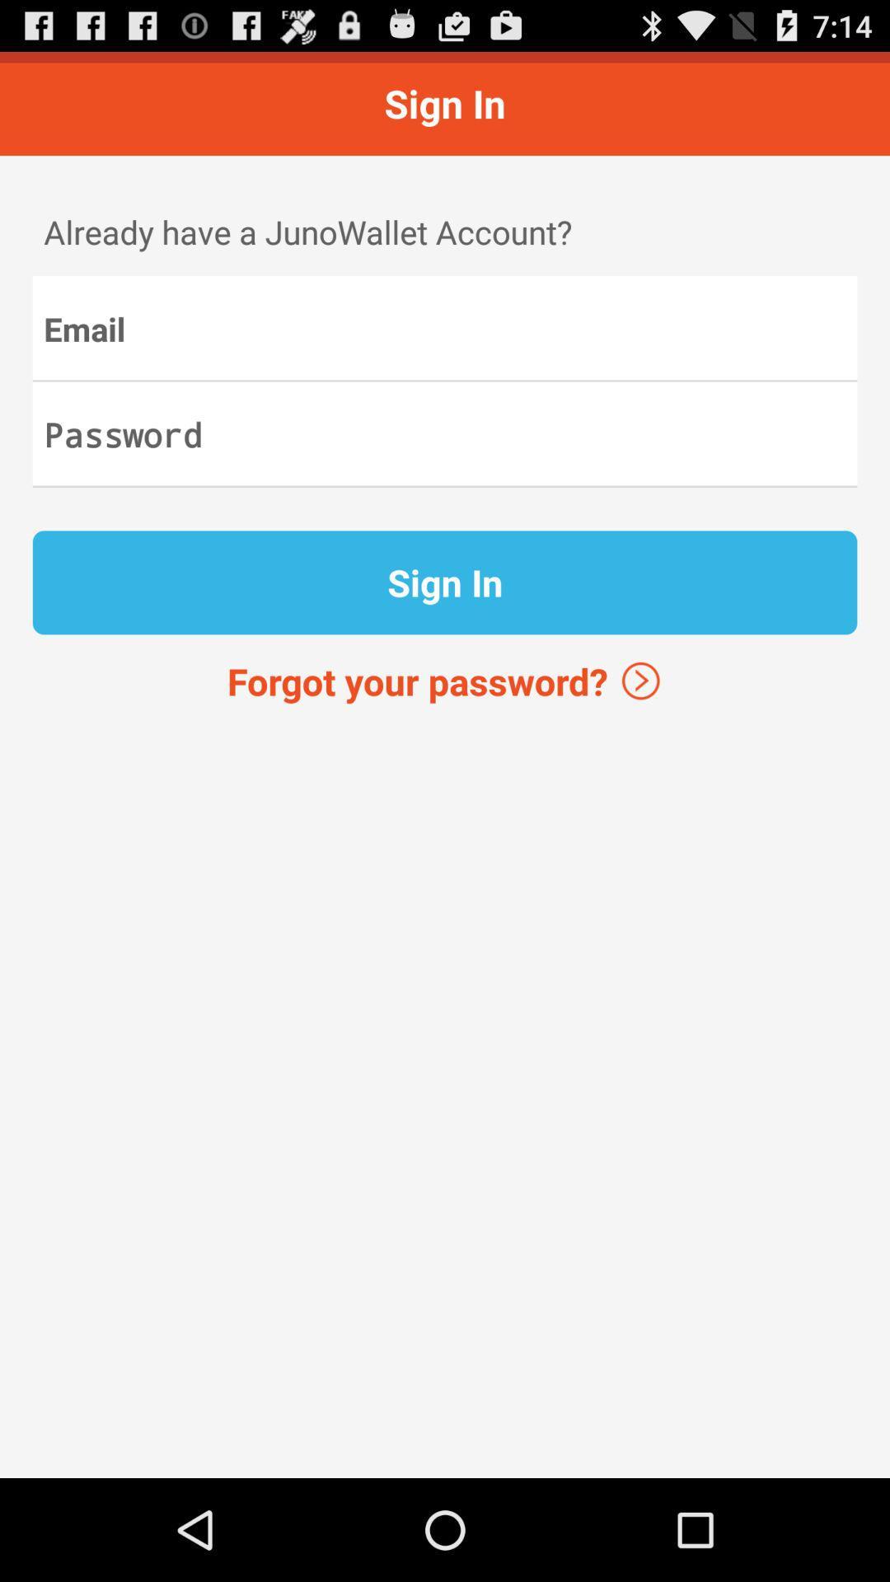 The height and width of the screenshot is (1582, 890). What do you see at coordinates (445, 681) in the screenshot?
I see `item below the sign in` at bounding box center [445, 681].